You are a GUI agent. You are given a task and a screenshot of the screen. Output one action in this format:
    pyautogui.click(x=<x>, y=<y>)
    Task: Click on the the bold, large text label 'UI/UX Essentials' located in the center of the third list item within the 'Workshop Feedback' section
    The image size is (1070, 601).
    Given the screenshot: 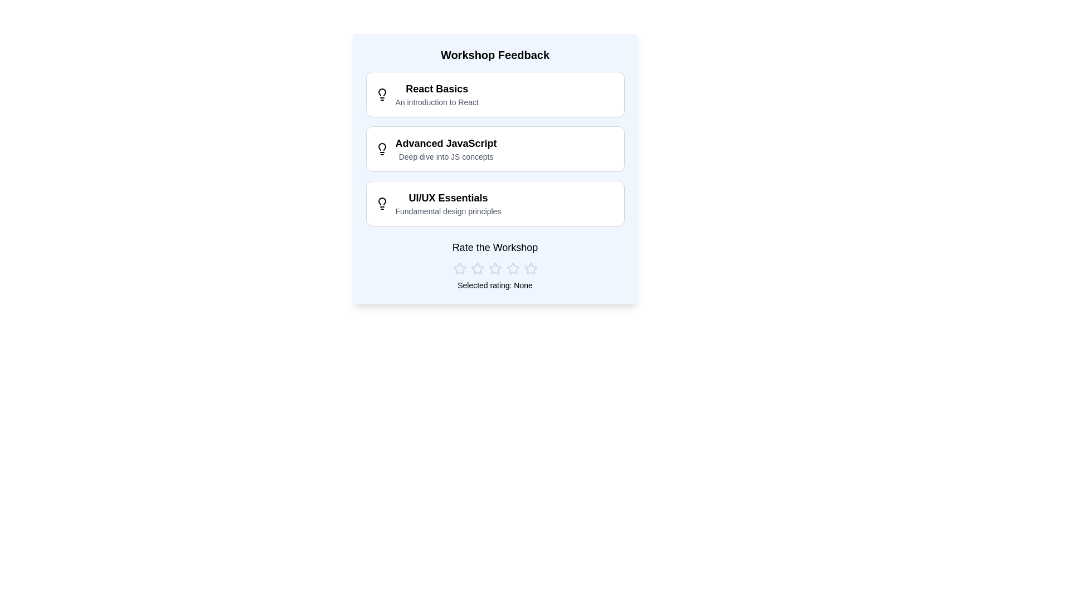 What is the action you would take?
    pyautogui.click(x=448, y=197)
    